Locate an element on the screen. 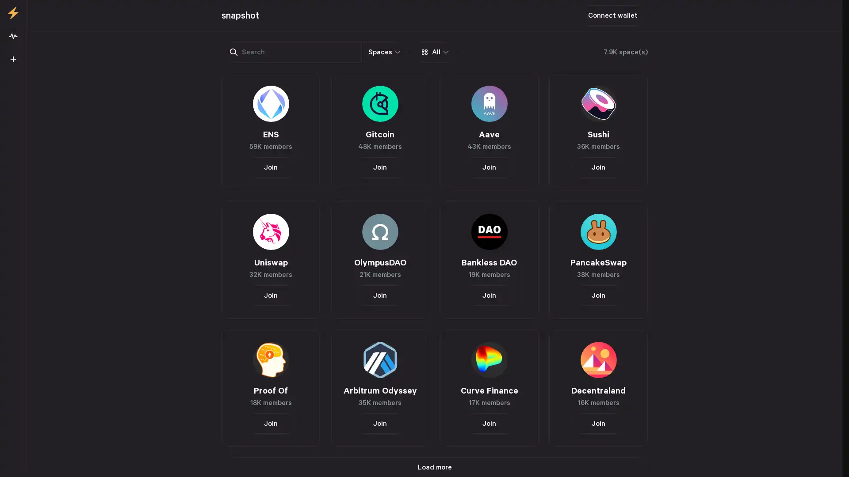 This screenshot has width=849, height=477. Join is located at coordinates (488, 423).